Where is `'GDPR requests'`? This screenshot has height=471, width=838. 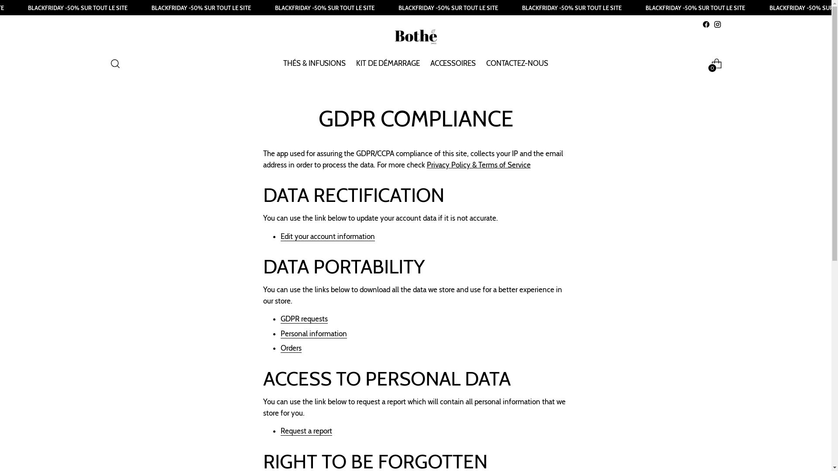 'GDPR requests' is located at coordinates (304, 319).